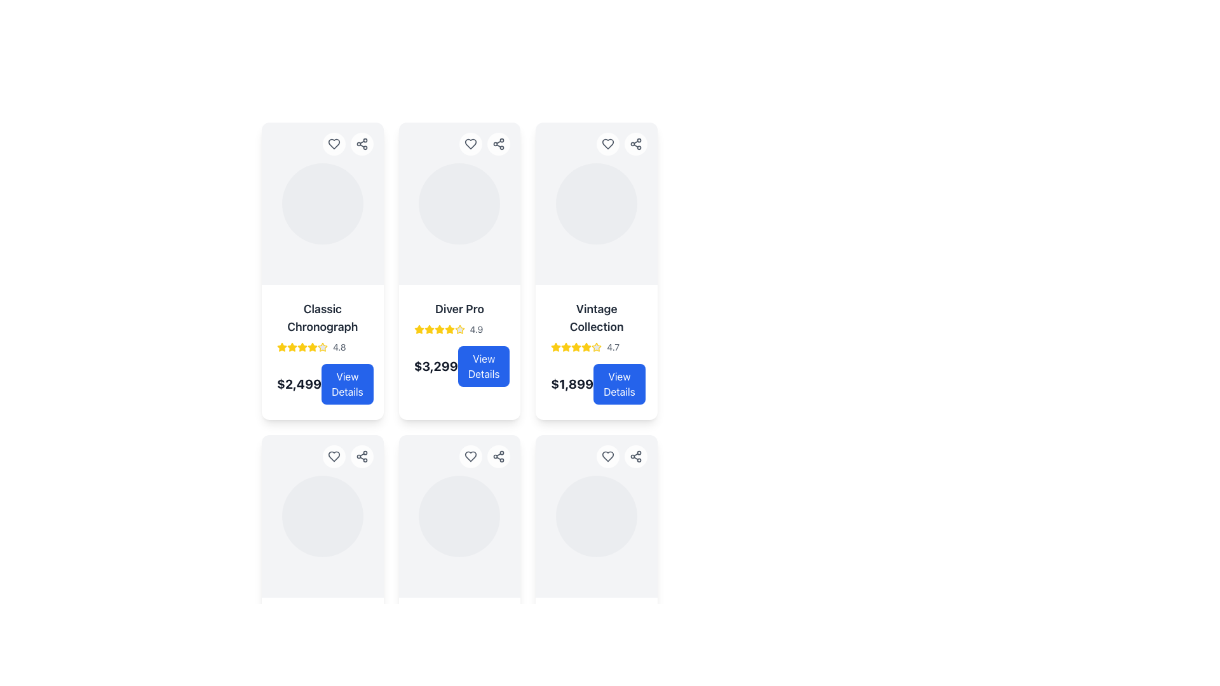  Describe the element at coordinates (636, 144) in the screenshot. I see `the share button located in the top-right corner of the 'Vintage Collection' card, which is the second interactive button following the heart-shaped button` at that location.